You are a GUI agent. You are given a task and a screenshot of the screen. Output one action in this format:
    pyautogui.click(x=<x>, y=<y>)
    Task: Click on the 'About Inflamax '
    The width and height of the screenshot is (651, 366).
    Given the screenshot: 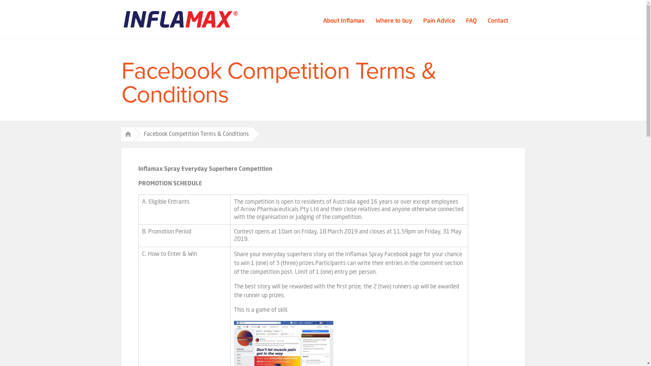 What is the action you would take?
    pyautogui.click(x=345, y=20)
    